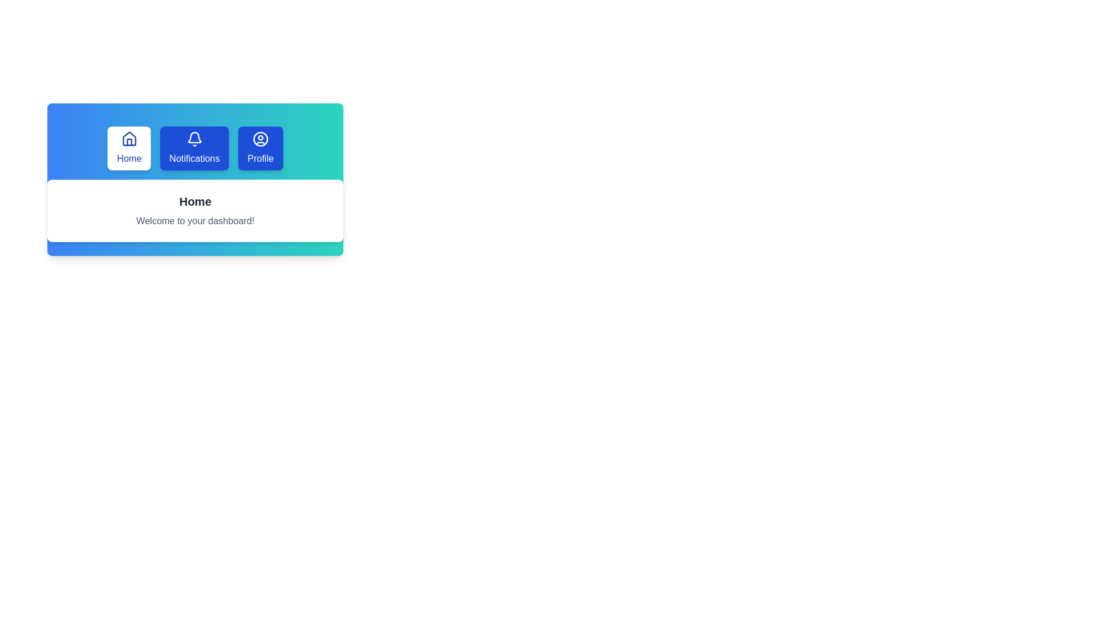 This screenshot has width=1110, height=624. Describe the element at coordinates (260, 148) in the screenshot. I see `the Profile tab by clicking its button` at that location.